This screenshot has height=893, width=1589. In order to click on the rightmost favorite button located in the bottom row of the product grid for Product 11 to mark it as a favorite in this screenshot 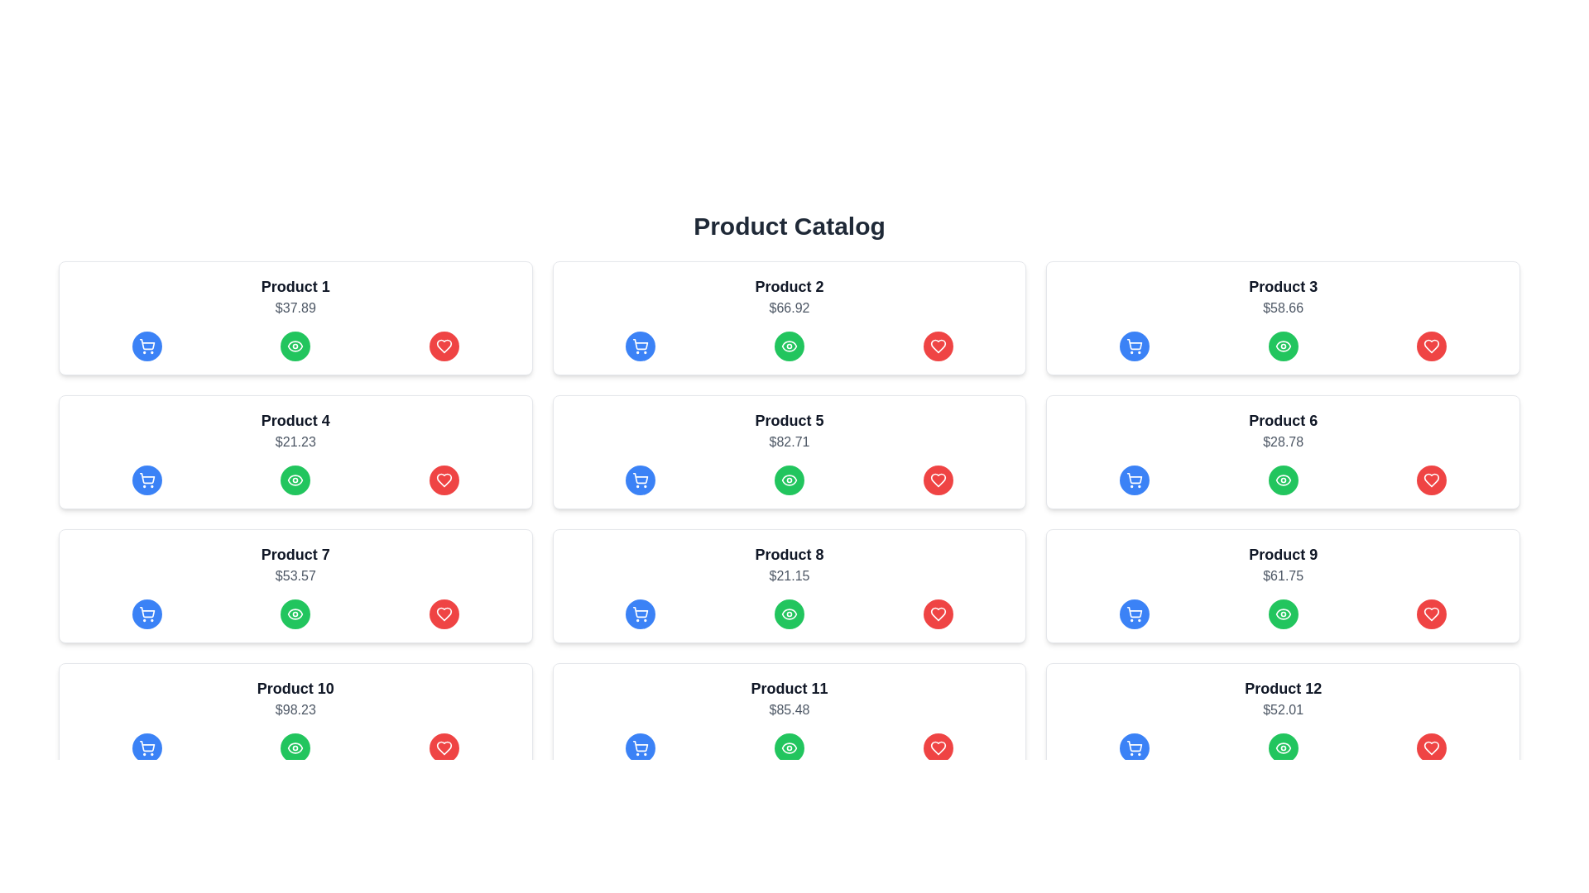, I will do `click(938, 748)`.